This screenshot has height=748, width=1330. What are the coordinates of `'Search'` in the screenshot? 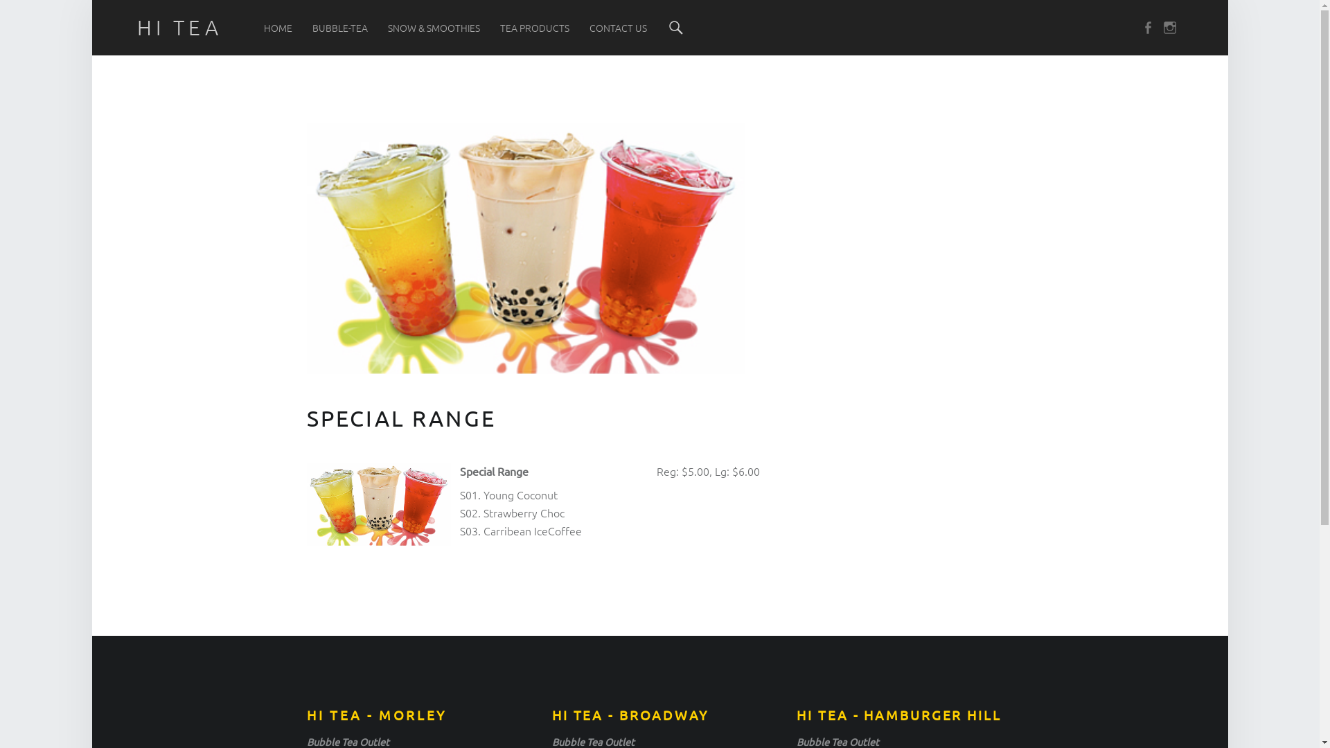 It's located at (675, 27).